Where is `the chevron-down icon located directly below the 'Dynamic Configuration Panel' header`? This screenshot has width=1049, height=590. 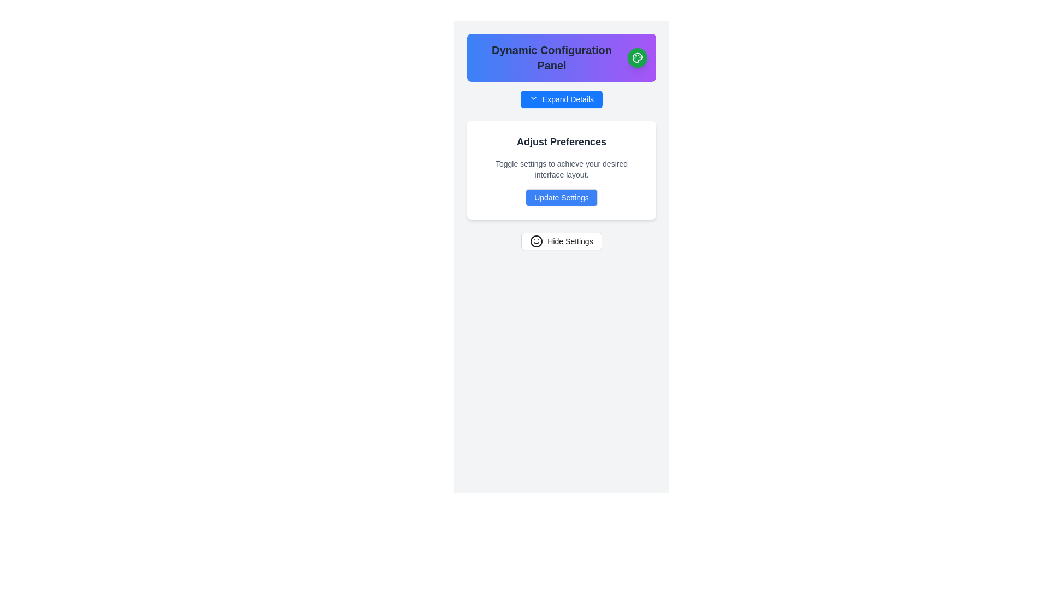 the chevron-down icon located directly below the 'Dynamic Configuration Panel' header is located at coordinates (533, 98).